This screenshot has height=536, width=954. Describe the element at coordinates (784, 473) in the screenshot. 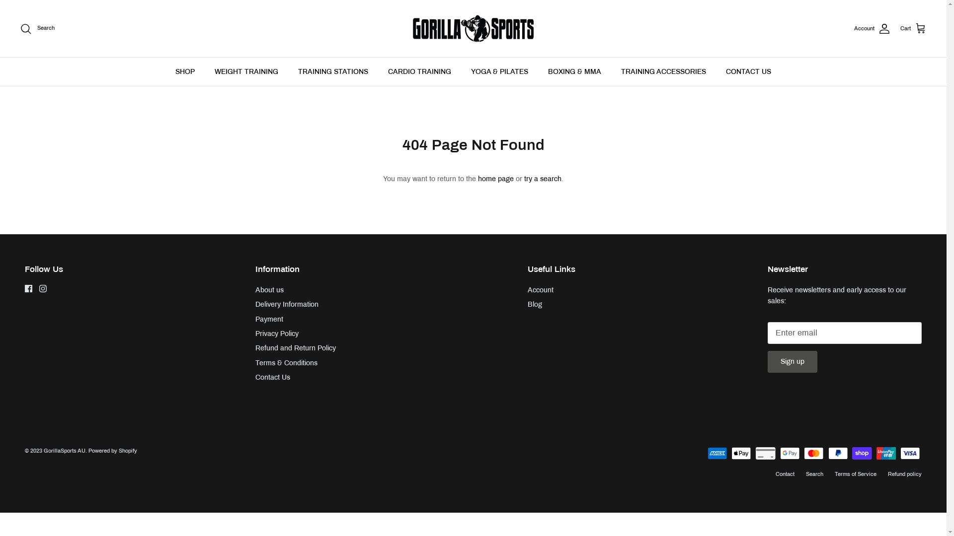

I see `'Contact'` at that location.